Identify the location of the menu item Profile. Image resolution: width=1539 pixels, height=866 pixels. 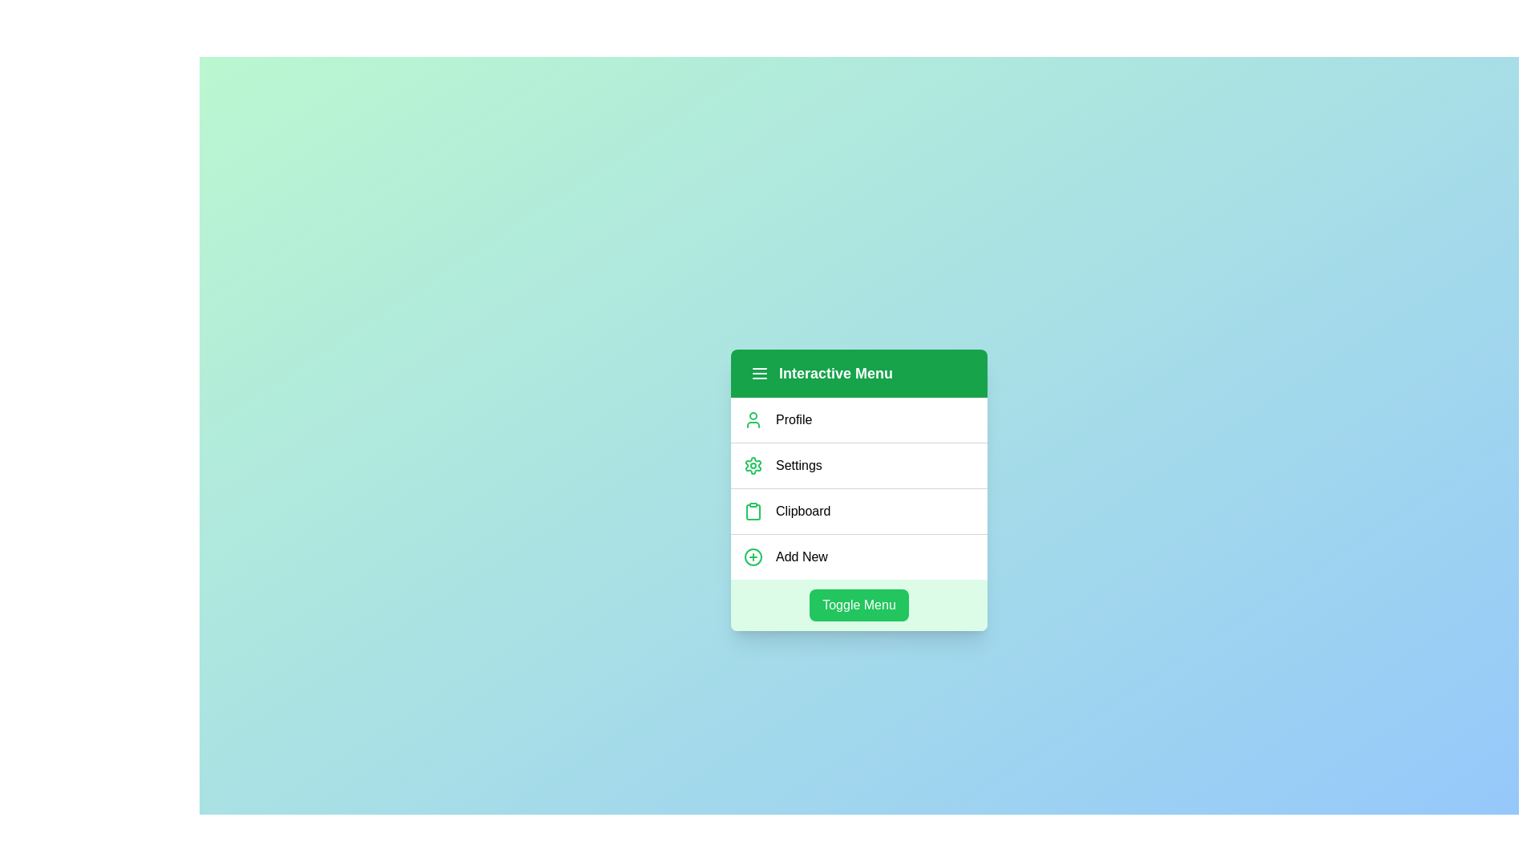
(858, 419).